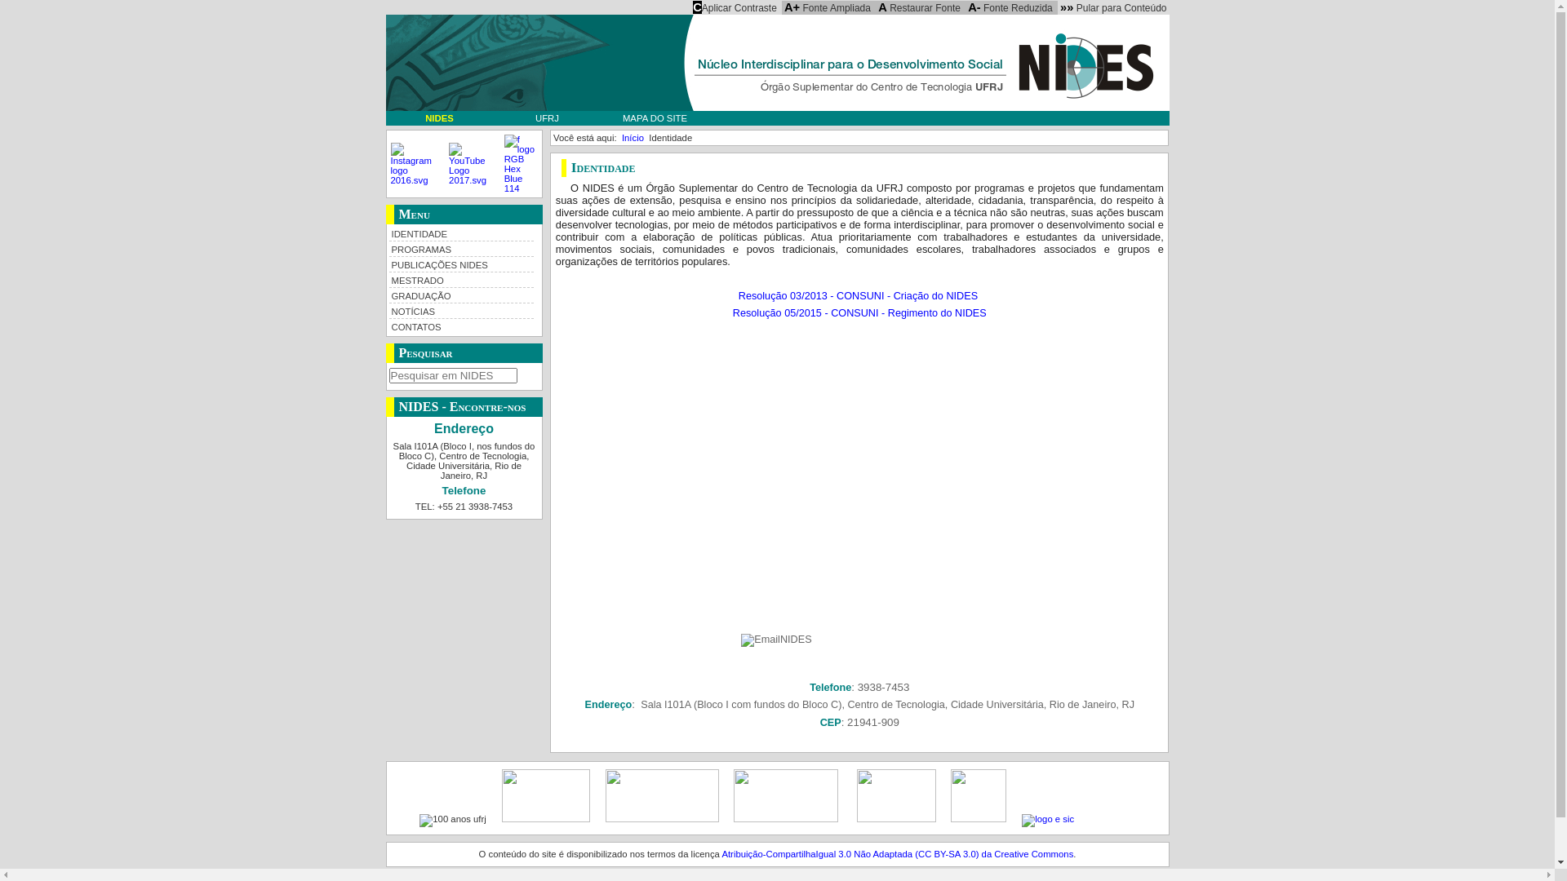 Image resolution: width=1567 pixels, height=881 pixels. What do you see at coordinates (1010, 7) in the screenshot?
I see `'A- Fonte Reduzida'` at bounding box center [1010, 7].